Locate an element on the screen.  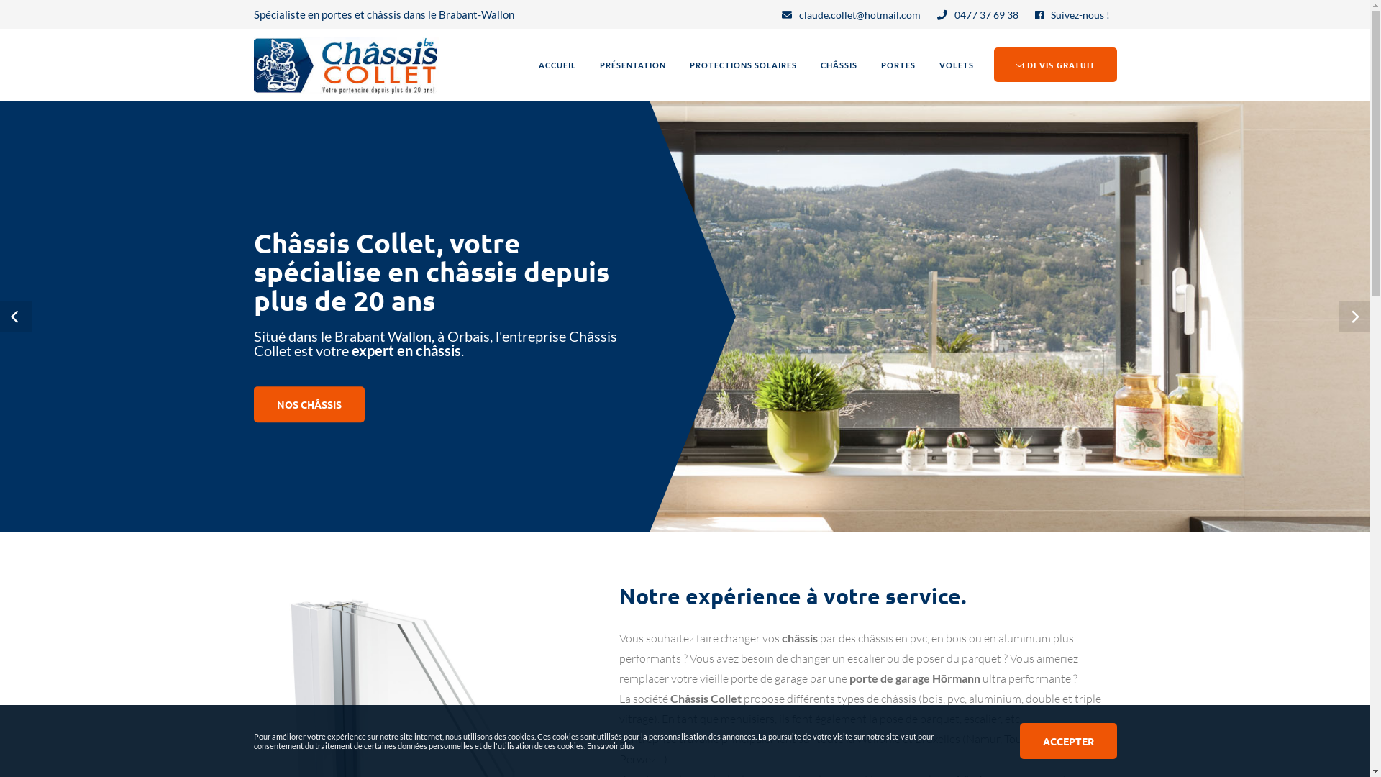
'En savoir plus' is located at coordinates (611, 745).